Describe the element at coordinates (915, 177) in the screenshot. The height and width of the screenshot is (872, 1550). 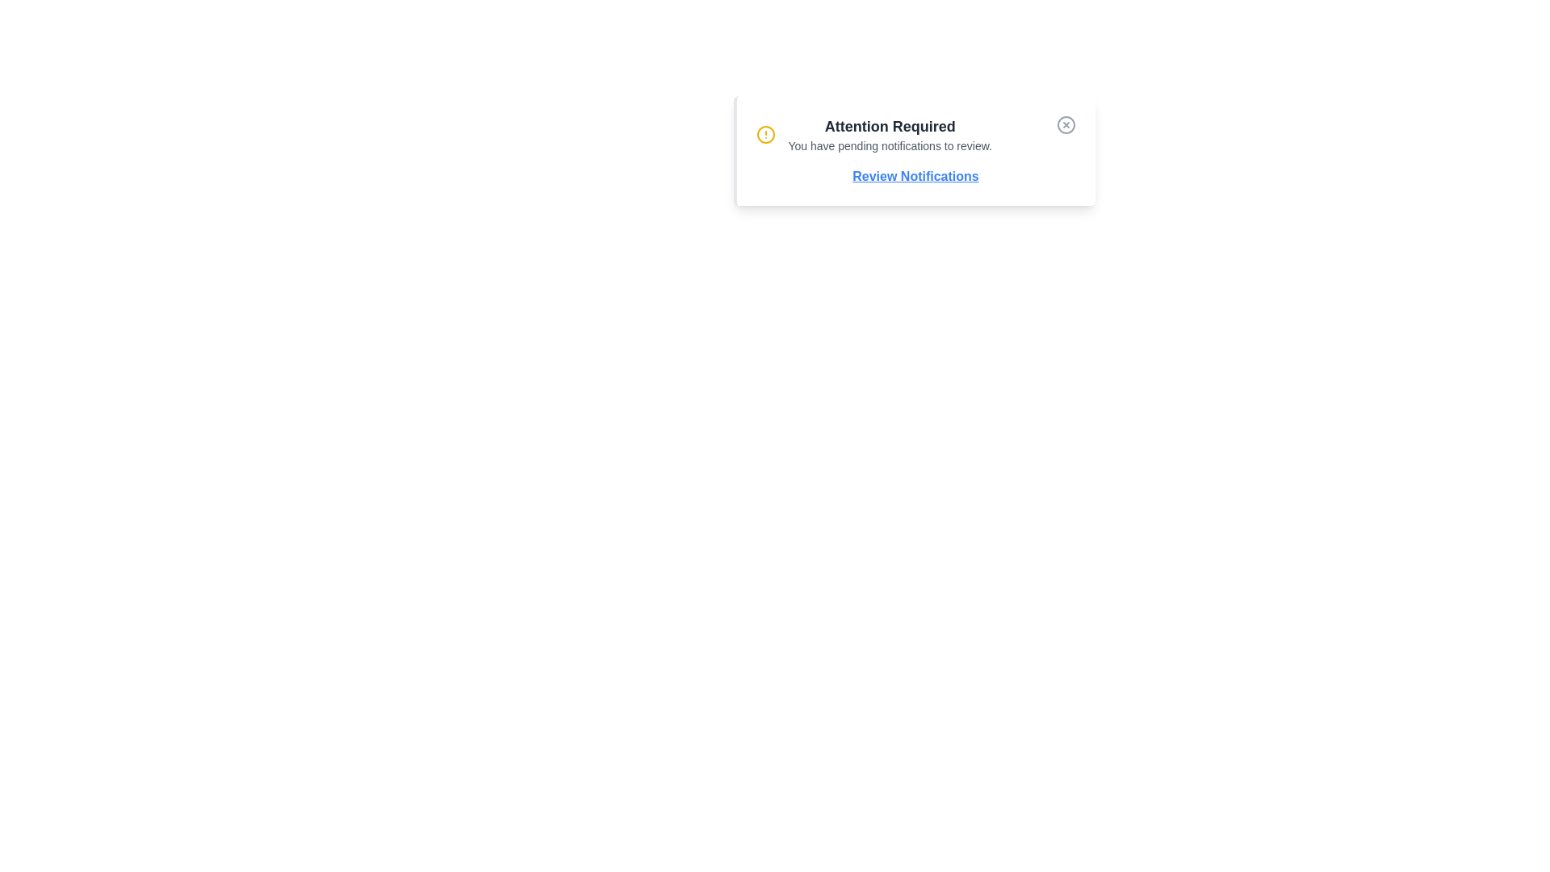
I see `the hyperlink located at the bottom of the 'Attention Required' notification card` at that location.